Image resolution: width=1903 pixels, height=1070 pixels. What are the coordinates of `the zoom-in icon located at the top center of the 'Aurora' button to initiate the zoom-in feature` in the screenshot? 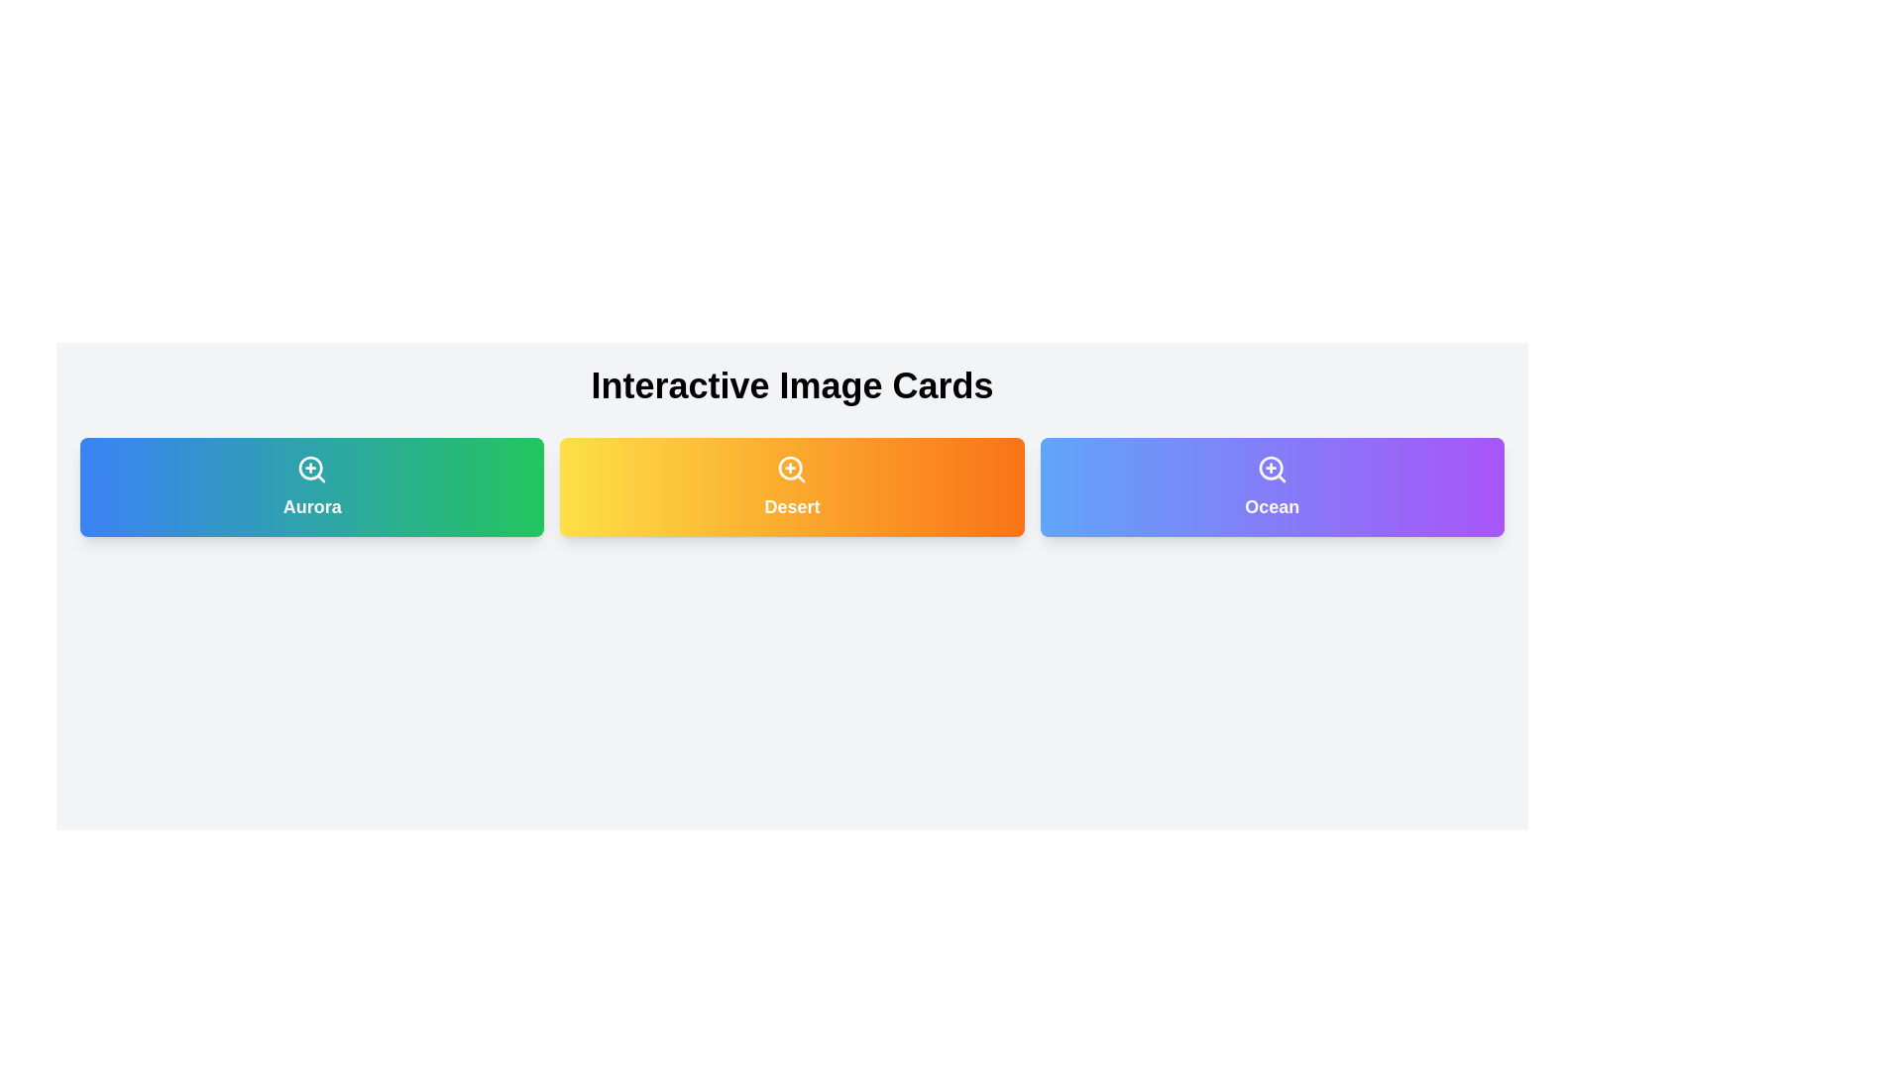 It's located at (311, 470).